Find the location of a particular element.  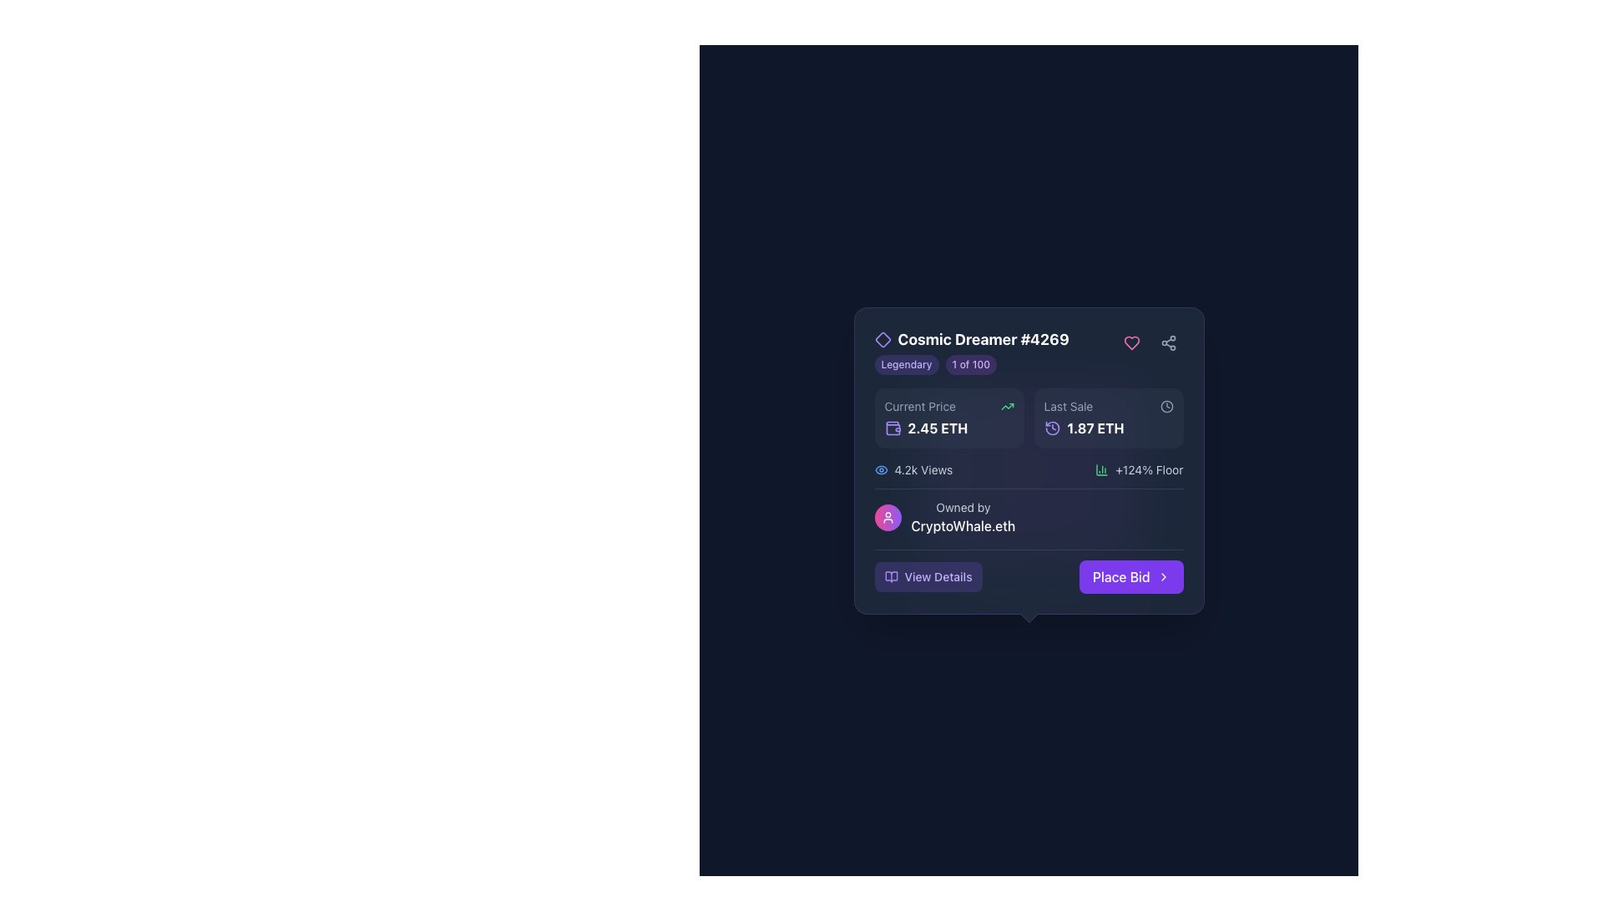

the 'Legendary' badge, which is the first of two adjacent badges in the top-left area of the card-like component, before the badge labeled '1 of 100' is located at coordinates (906, 363).